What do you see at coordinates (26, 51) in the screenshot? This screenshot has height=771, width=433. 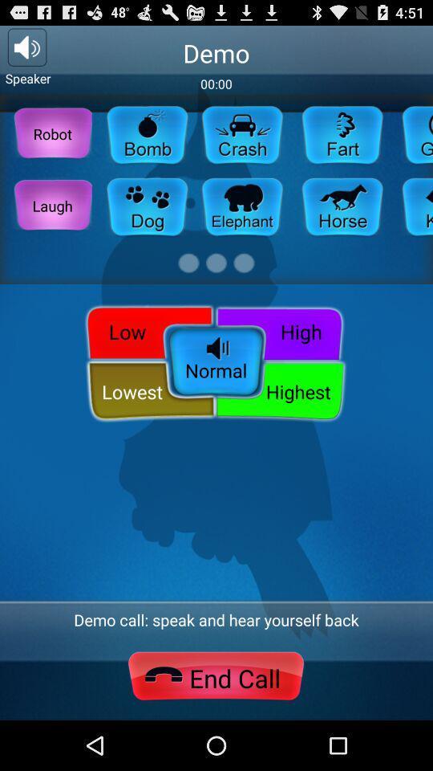 I see `the volume icon` at bounding box center [26, 51].